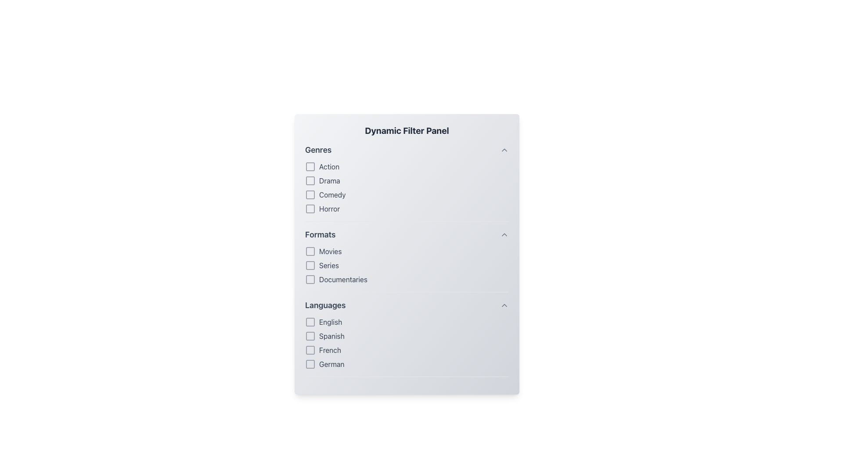 The height and width of the screenshot is (474, 843). What do you see at coordinates (332, 194) in the screenshot?
I see `the 'Comedy' text label located under the 'Genres' section, which is the third checkbox option in the panel` at bounding box center [332, 194].